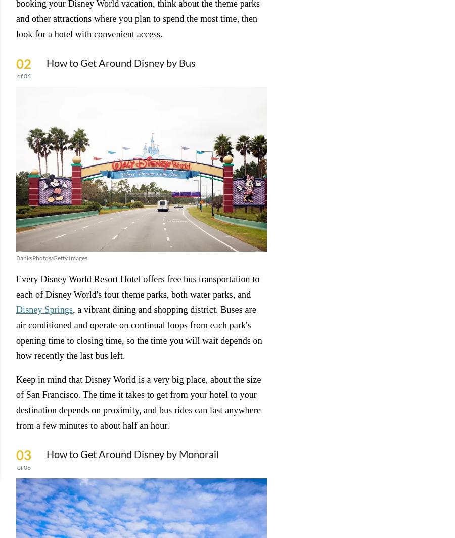  Describe the element at coordinates (44, 309) in the screenshot. I see `'Disney Springs'` at that location.